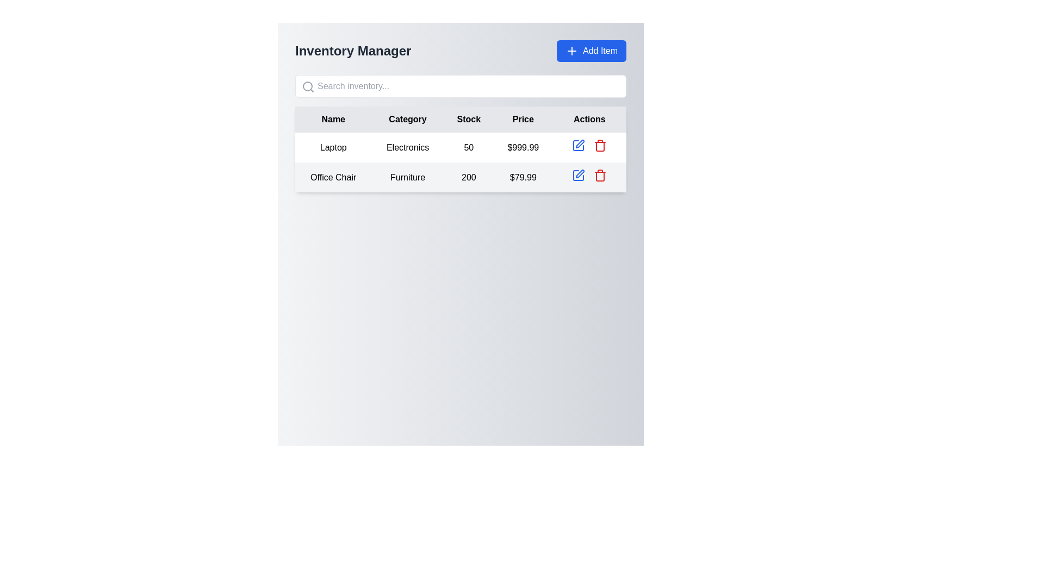 Image resolution: width=1044 pixels, height=587 pixels. What do you see at coordinates (571, 51) in the screenshot?
I see `the '+' icon on the 'Add Item' button located at the top-right corner of the interface` at bounding box center [571, 51].